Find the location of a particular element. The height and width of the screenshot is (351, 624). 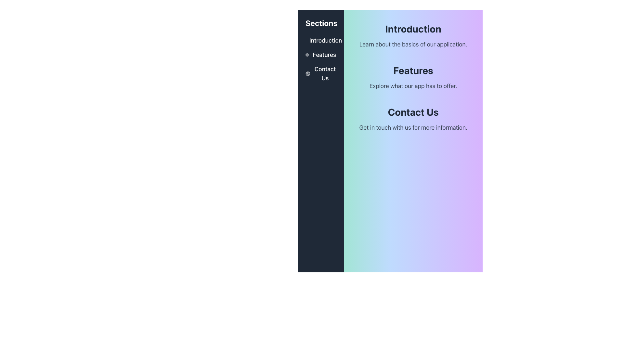

the hyperlink text labeled 'Introduction' located in the left vertical navigation menu is located at coordinates (326, 40).